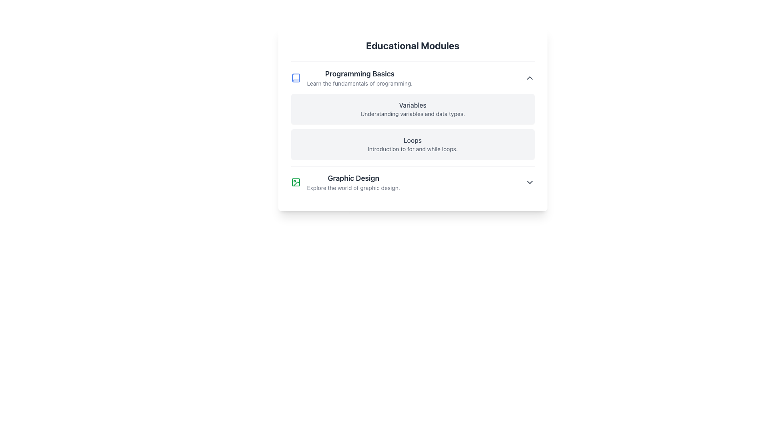 This screenshot has width=769, height=432. I want to click on the text label displaying 'Loops', which is styled in gray and positioned above the subtitle in the 'Loops' section of the 'Educational Modules' card, so click(413, 140).